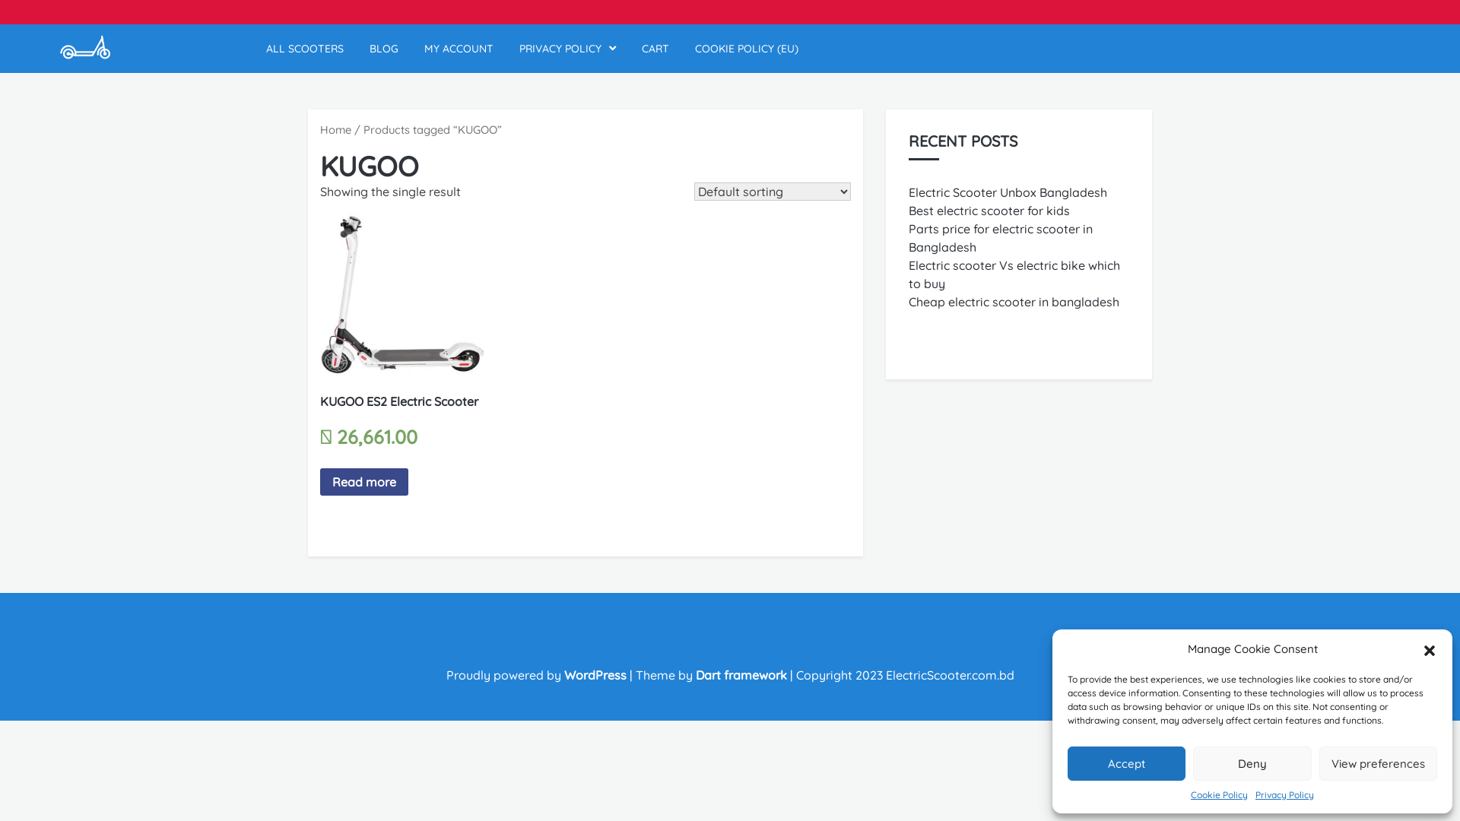  Describe the element at coordinates (747, 48) in the screenshot. I see `'COOKIE POLICY (EU)'` at that location.